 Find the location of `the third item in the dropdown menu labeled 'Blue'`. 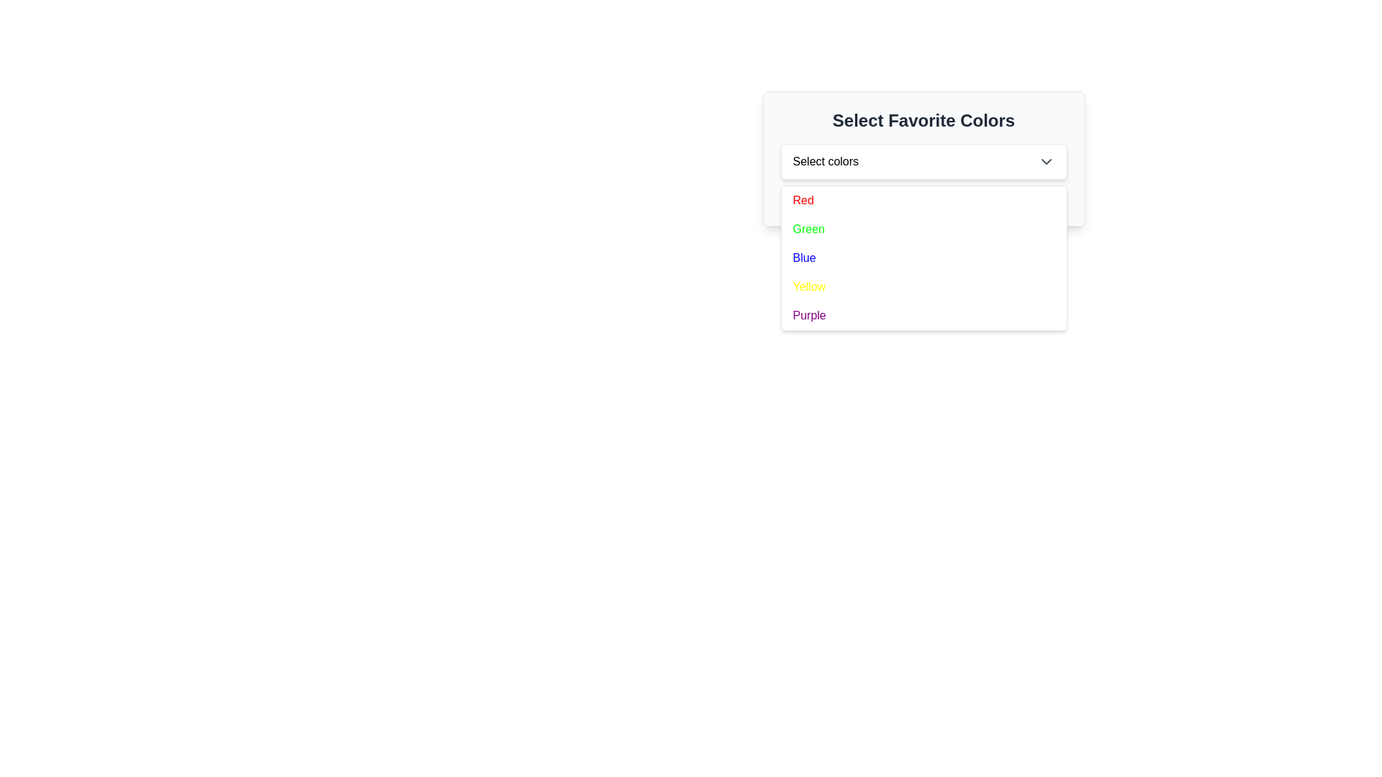

the third item in the dropdown menu labeled 'Blue' is located at coordinates (923, 257).